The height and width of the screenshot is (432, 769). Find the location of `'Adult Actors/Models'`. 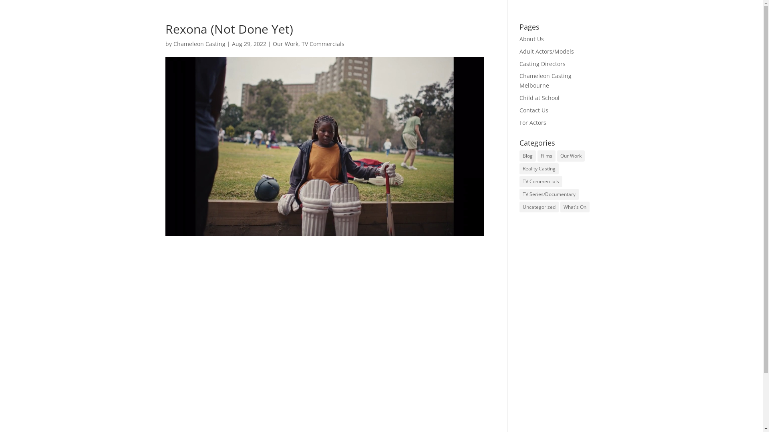

'Adult Actors/Models' is located at coordinates (546, 51).